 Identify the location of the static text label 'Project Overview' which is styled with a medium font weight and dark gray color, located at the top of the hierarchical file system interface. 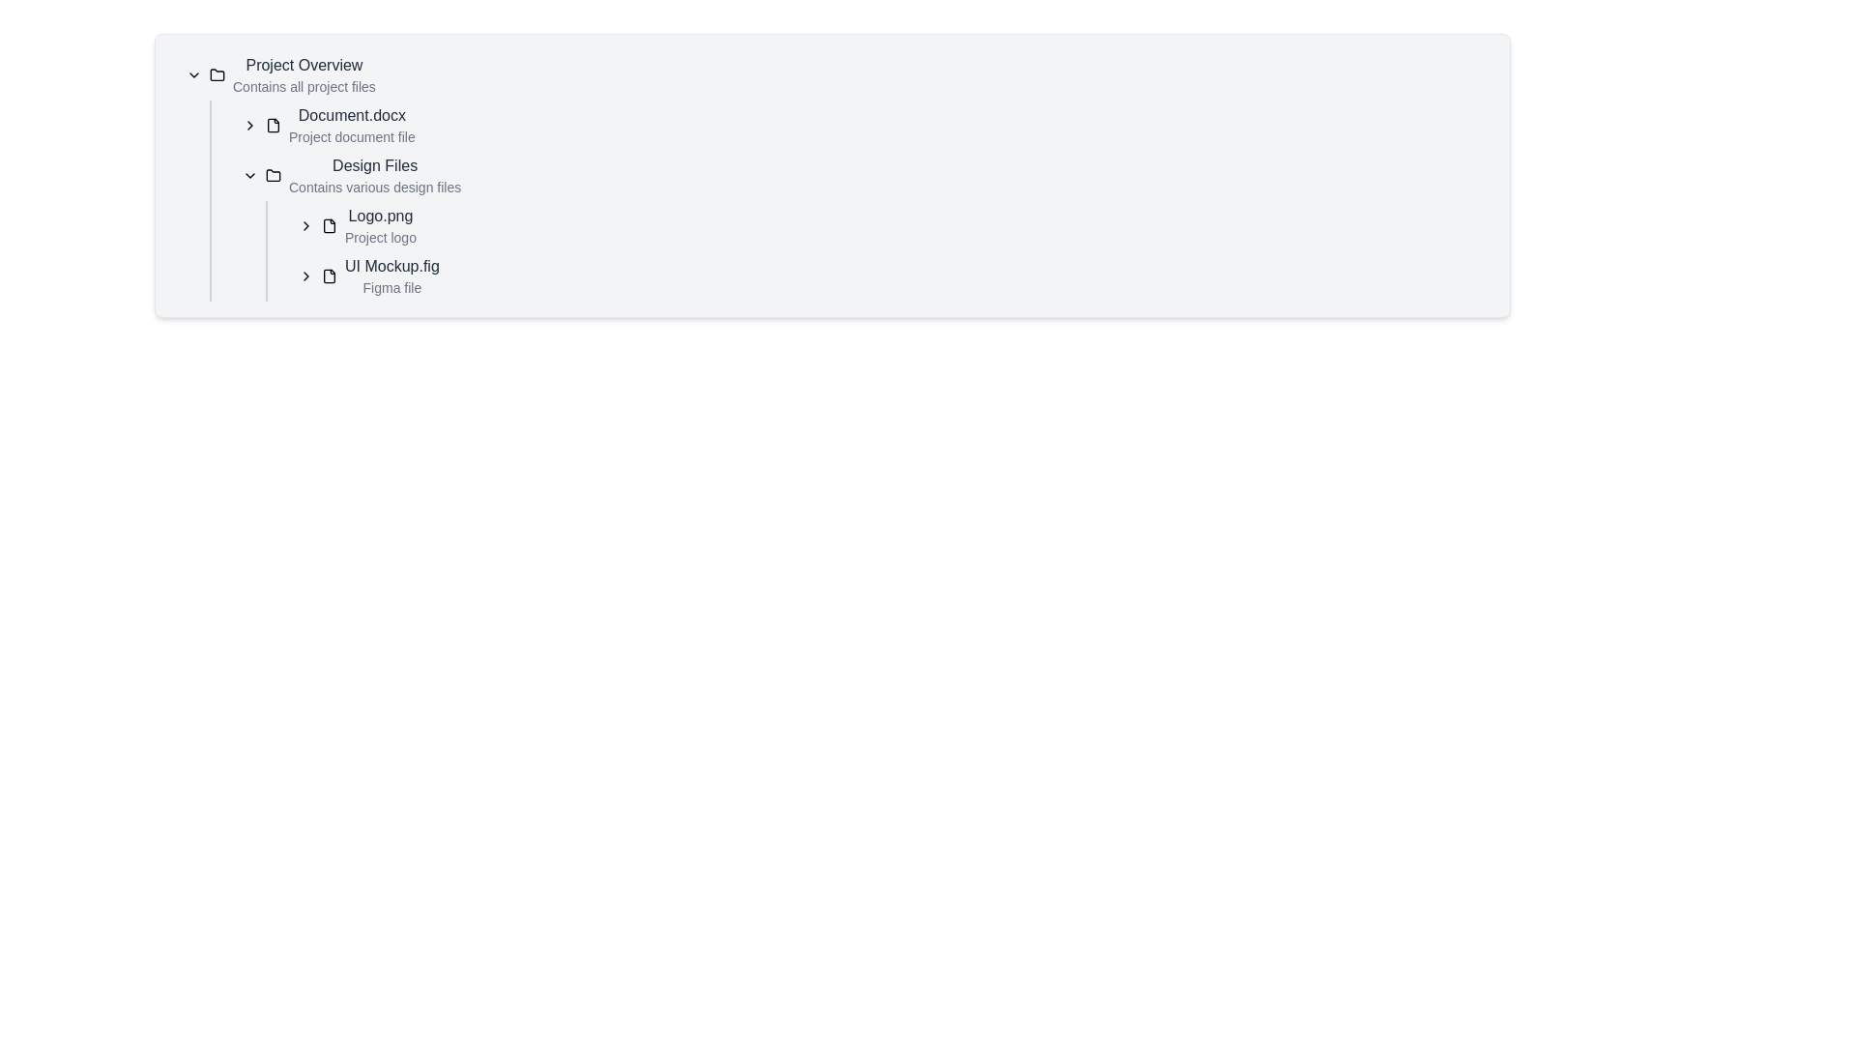
(303, 65).